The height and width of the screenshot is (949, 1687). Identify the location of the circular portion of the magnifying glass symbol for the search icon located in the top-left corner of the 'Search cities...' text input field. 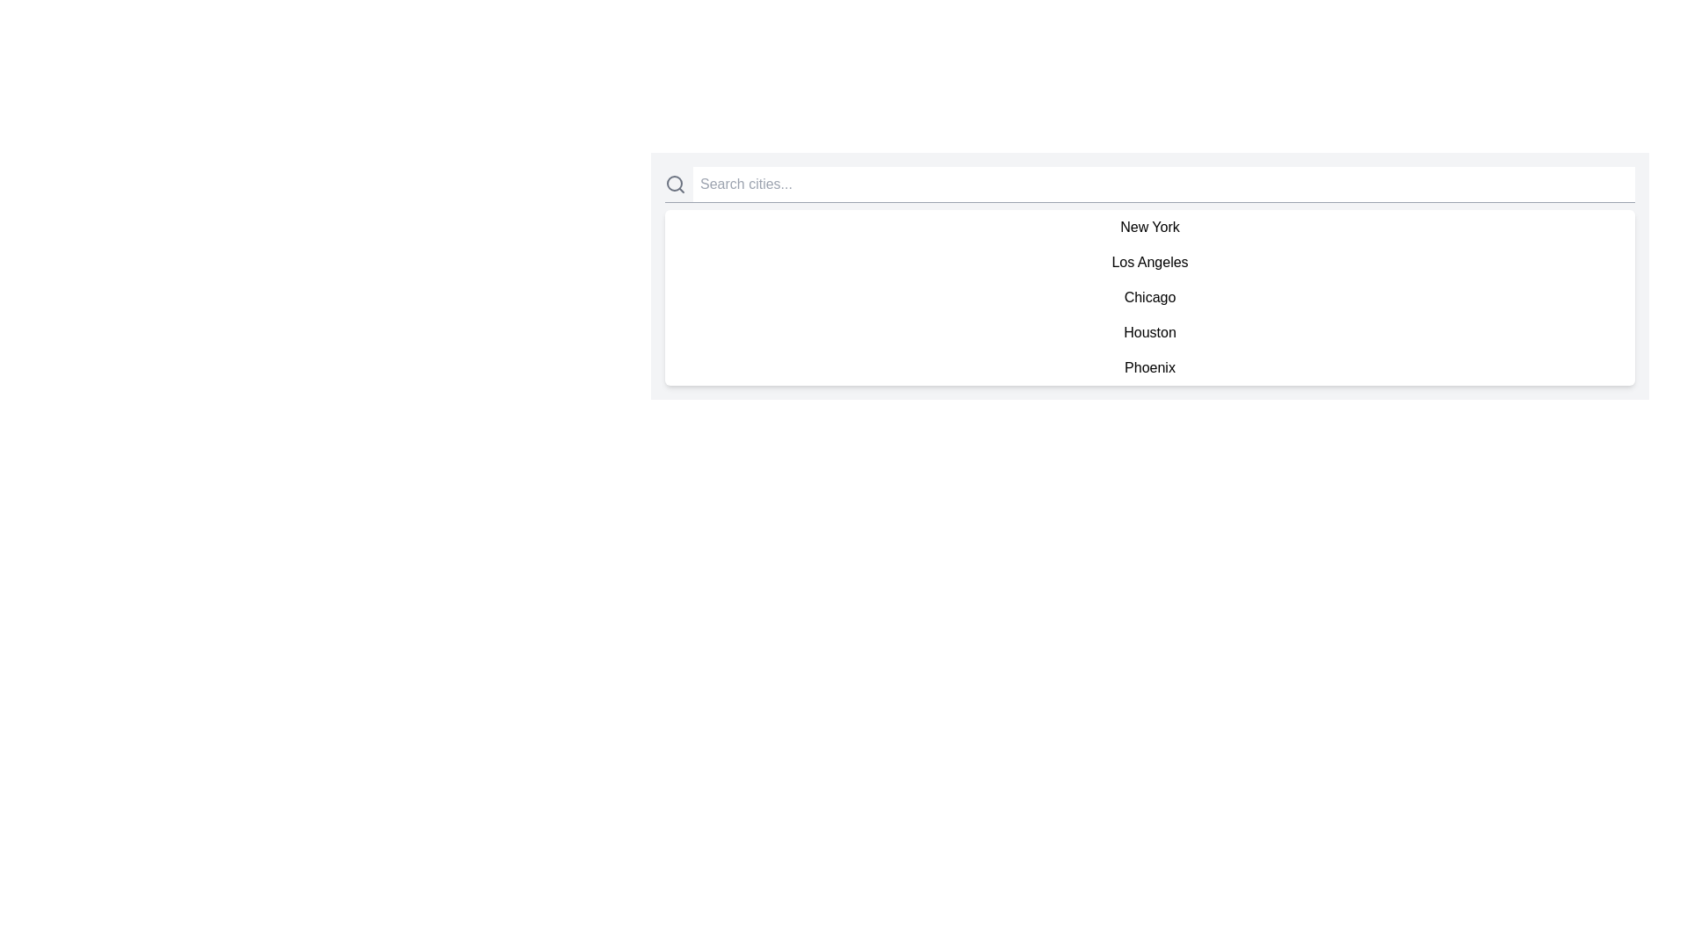
(674, 183).